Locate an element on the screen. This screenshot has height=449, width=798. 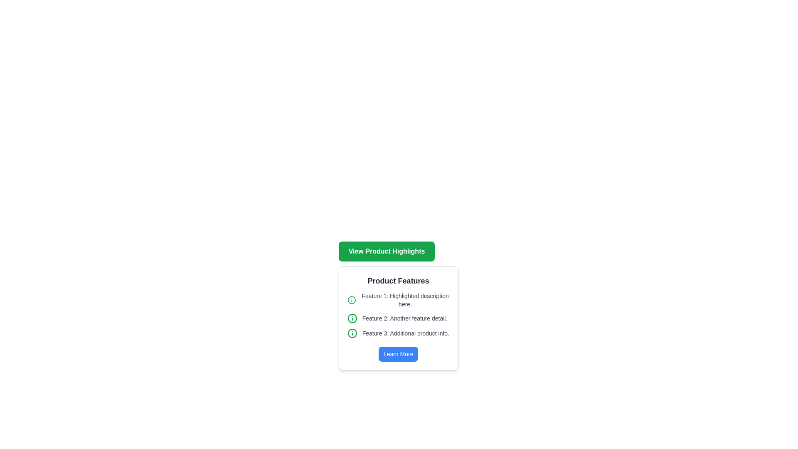
the icon that serves as a visual indicator for 'Feature 3: Additional product info.', located to the left of the corresponding text is located at coordinates (352, 333).